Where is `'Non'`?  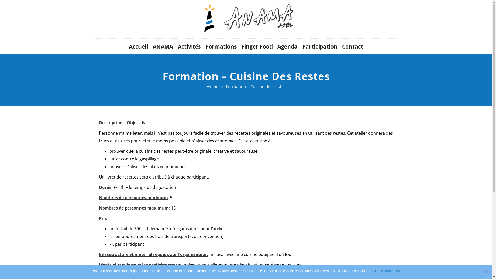 'Non' is located at coordinates (485, 272).